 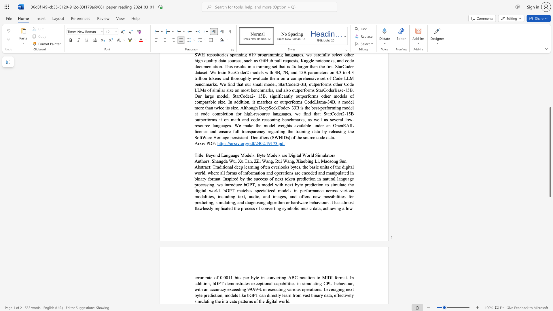 I want to click on the subset text "s in simulating CPU behaviour, with an accuracy exceeding 99.99% in executing various operations. Leveraging next byte prediction, models like bGPT can directly learn from vast binary data, effectively simulating the intricate patterns of the digital wo" within the text "error rate of 0.0011 bits per byte in converting ABC notation to MIDI format. In addition, bGPT demonstrates exceptional capabilities in simulating CPU behaviour, with an accuracy exceeding 99.99% in executing various operations. Leveraging next byte prediction, models like bGPT can directly learn from vast binary data, effectively simulating the intricate patterns of the digital world.", so click(x=293, y=283).